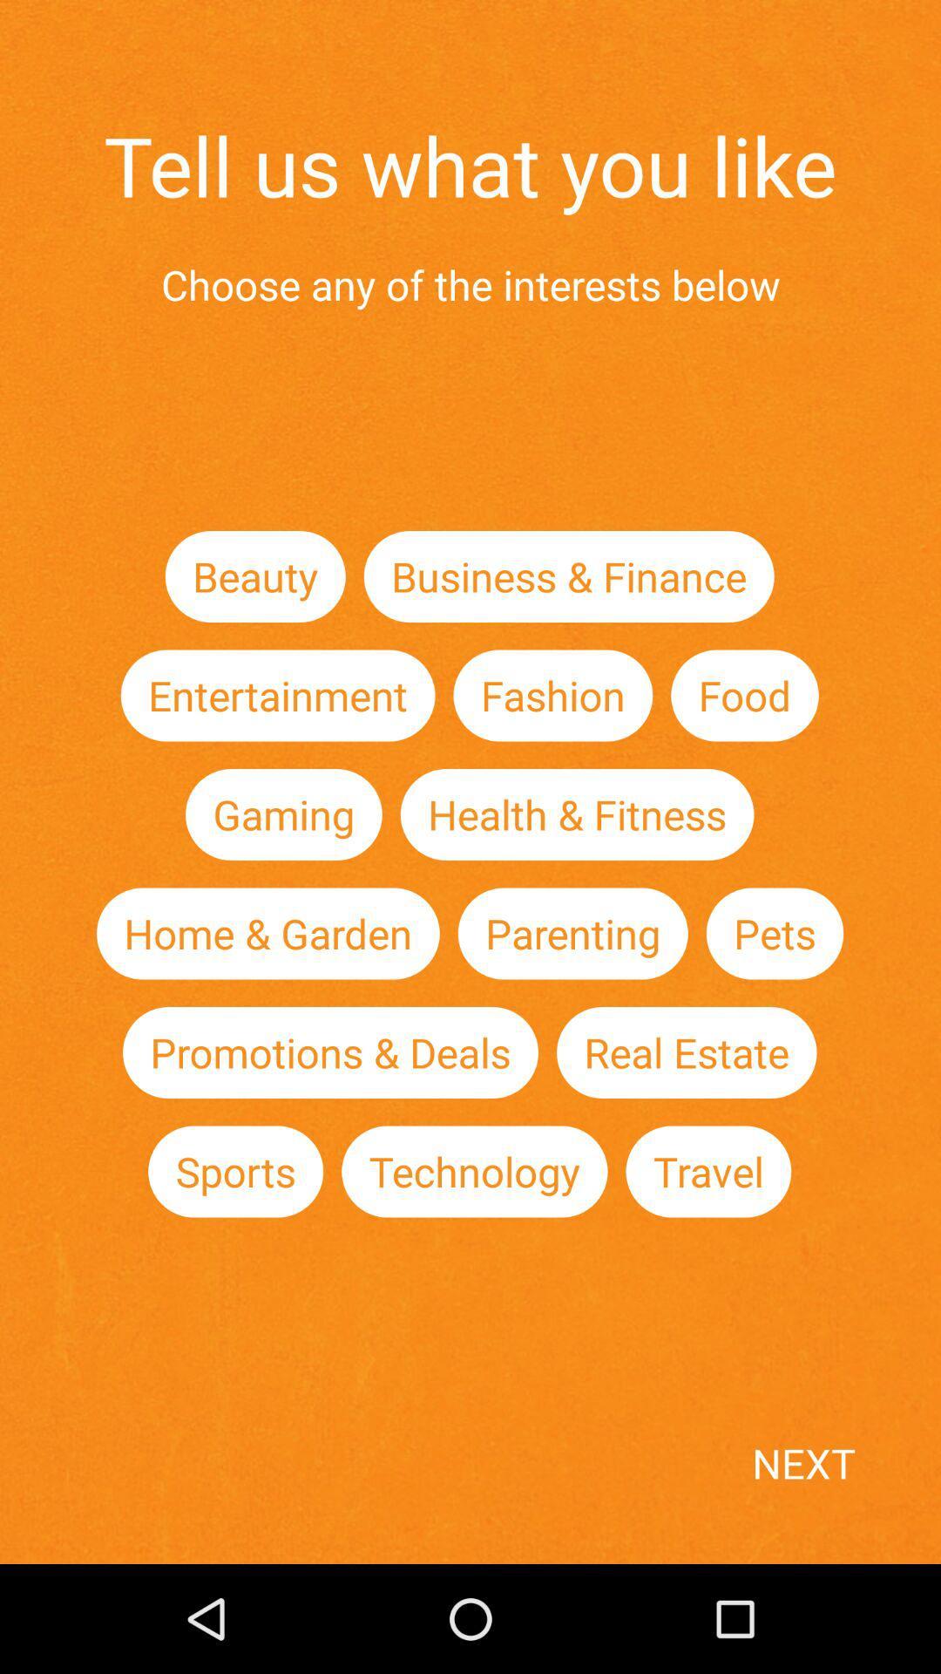  Describe the element at coordinates (774, 932) in the screenshot. I see `item next to parenting` at that location.